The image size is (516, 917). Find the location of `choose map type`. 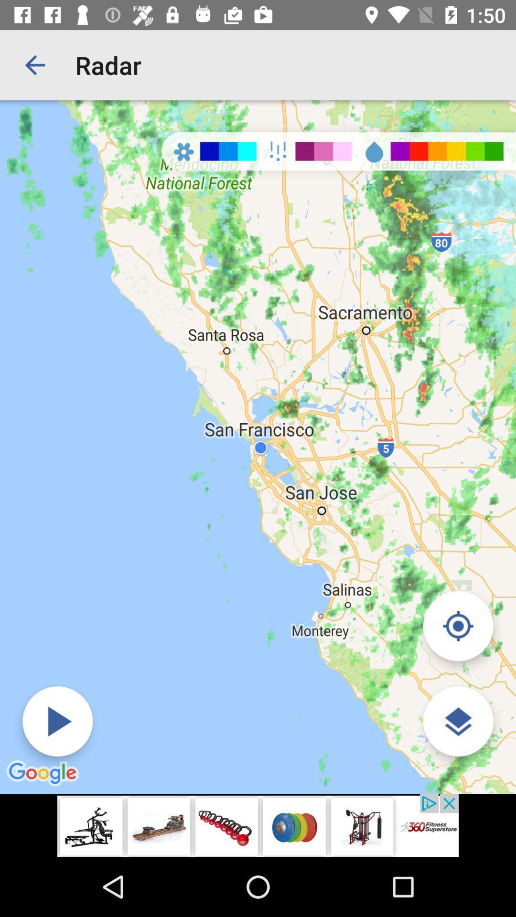

choose map type is located at coordinates (458, 721).